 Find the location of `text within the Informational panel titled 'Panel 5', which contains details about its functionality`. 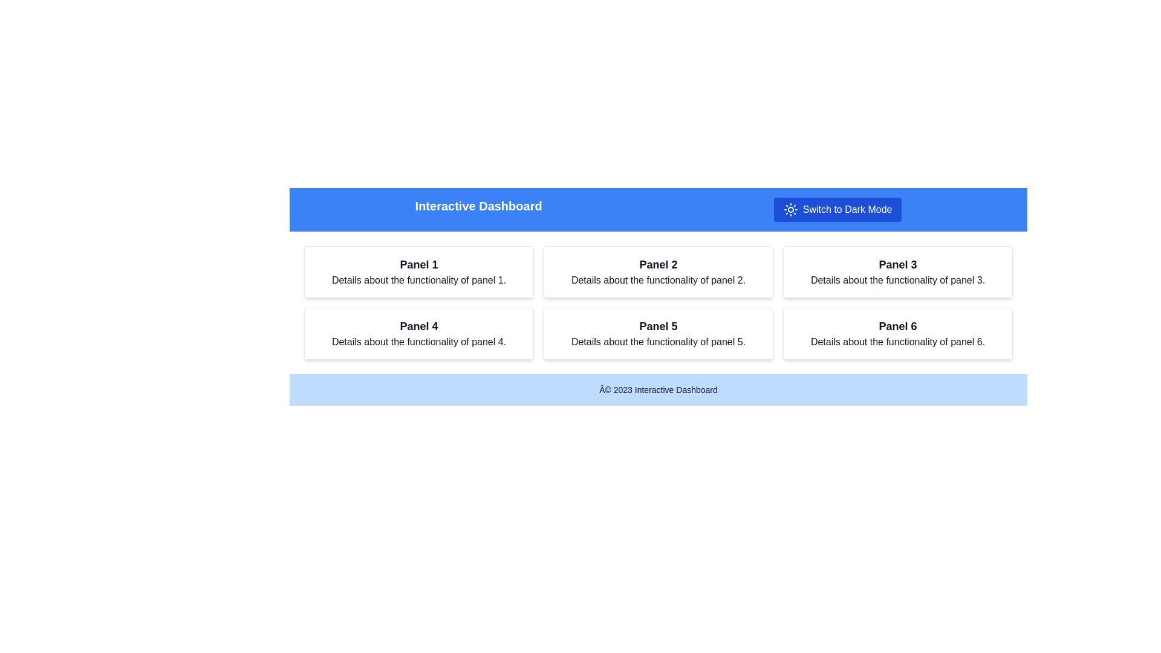

text within the Informational panel titled 'Panel 5', which contains details about its functionality is located at coordinates (658, 333).